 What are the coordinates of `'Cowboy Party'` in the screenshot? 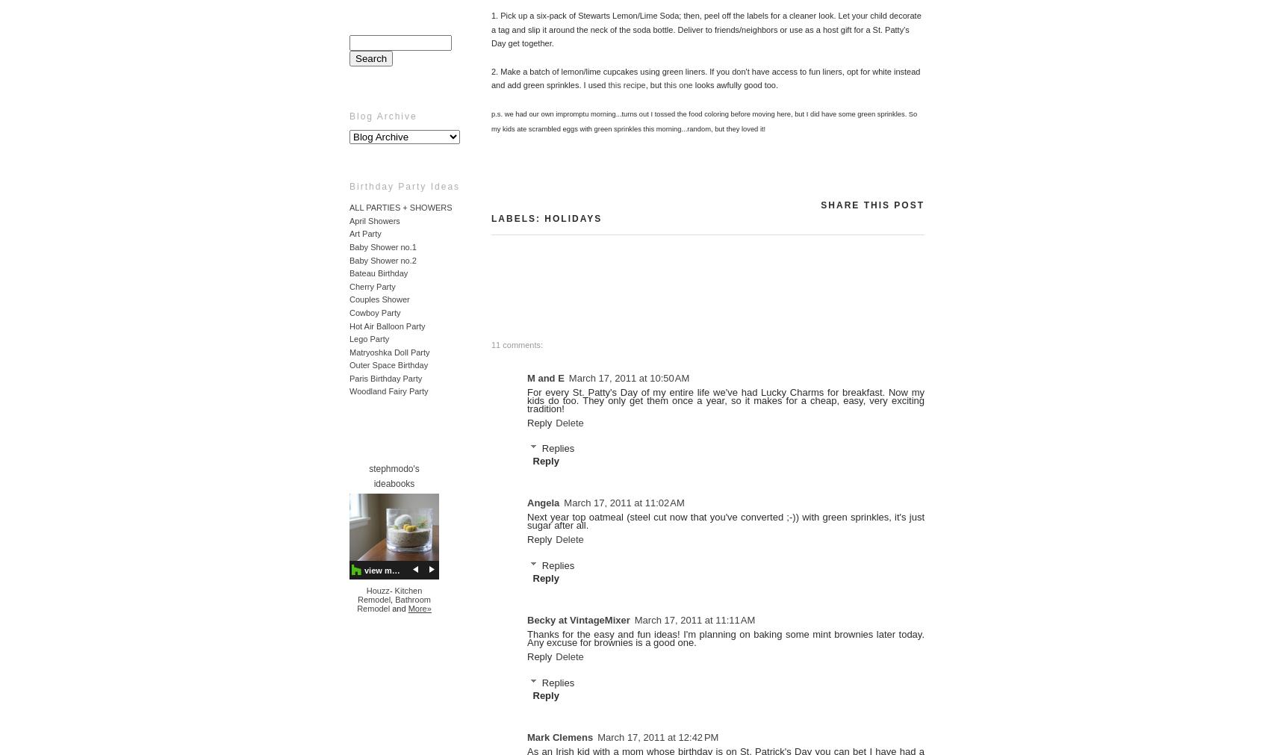 It's located at (374, 311).